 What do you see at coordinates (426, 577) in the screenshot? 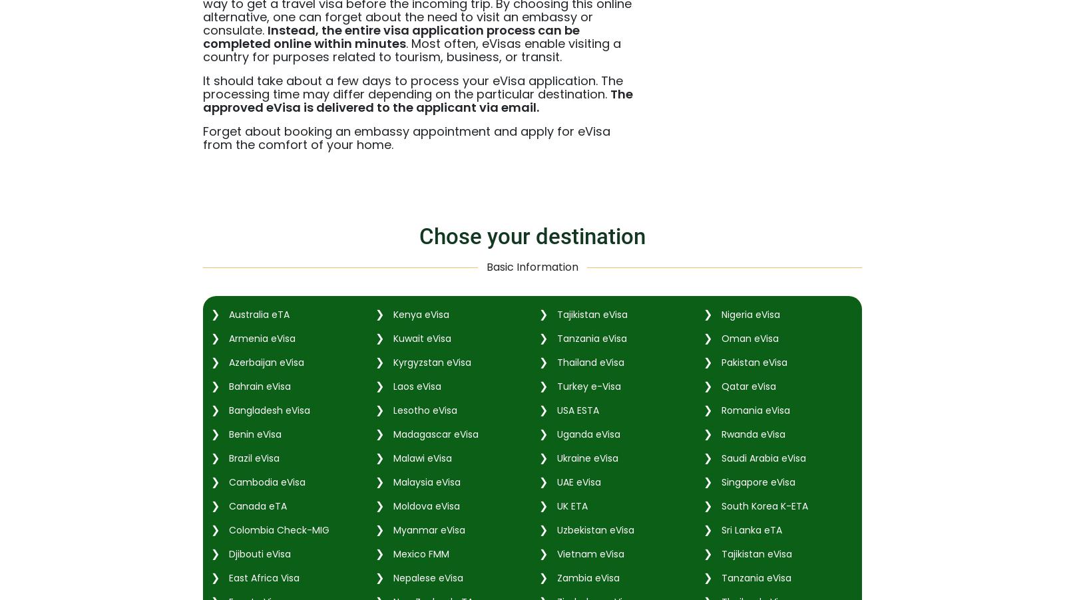
I see `'Nepalese eVisa'` at bounding box center [426, 577].